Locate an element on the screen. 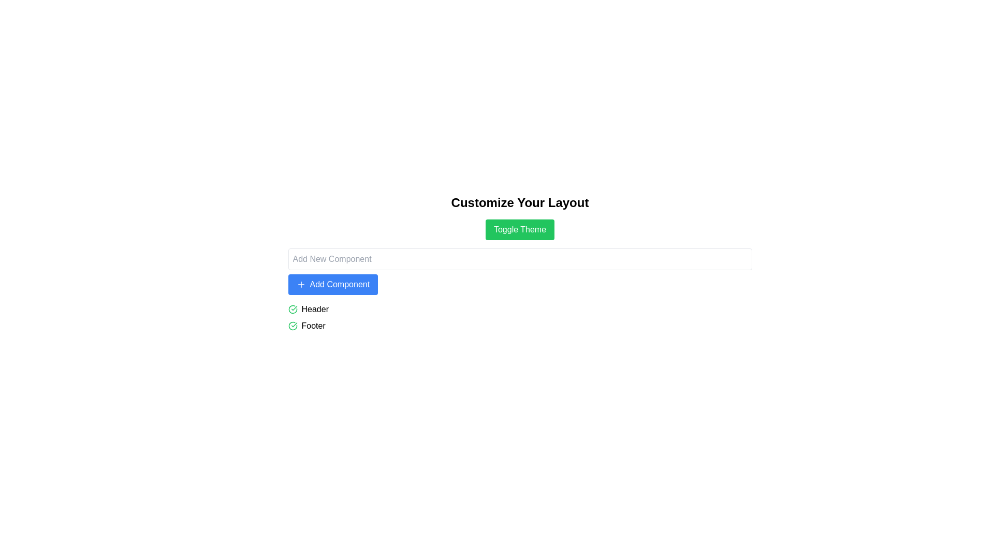 The width and height of the screenshot is (994, 559). the blue rectangular button labeled 'Add Component' with a plus sign icon, located below the 'Add New Component' input field is located at coordinates (333, 285).